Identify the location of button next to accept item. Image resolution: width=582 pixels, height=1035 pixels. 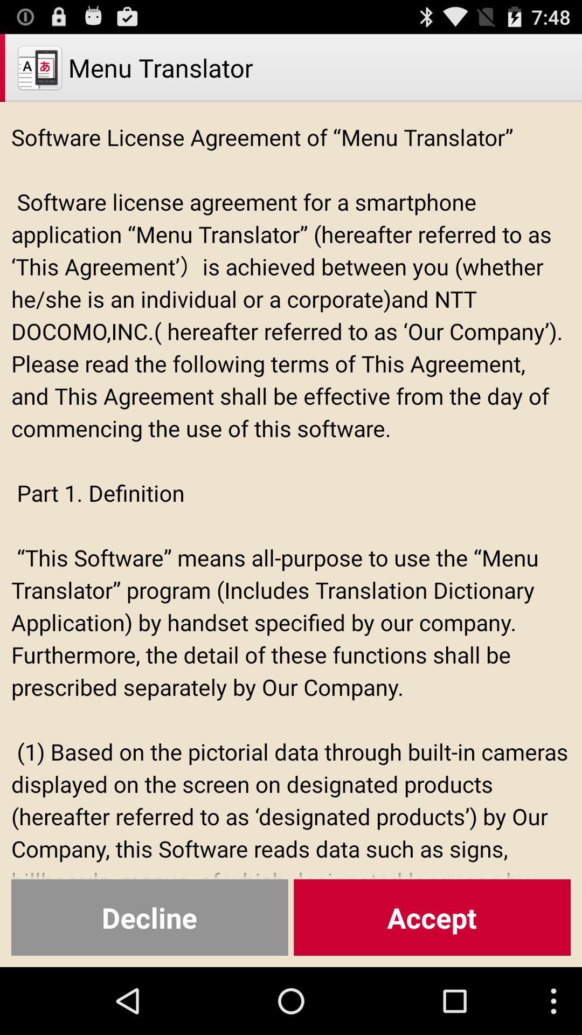
(149, 917).